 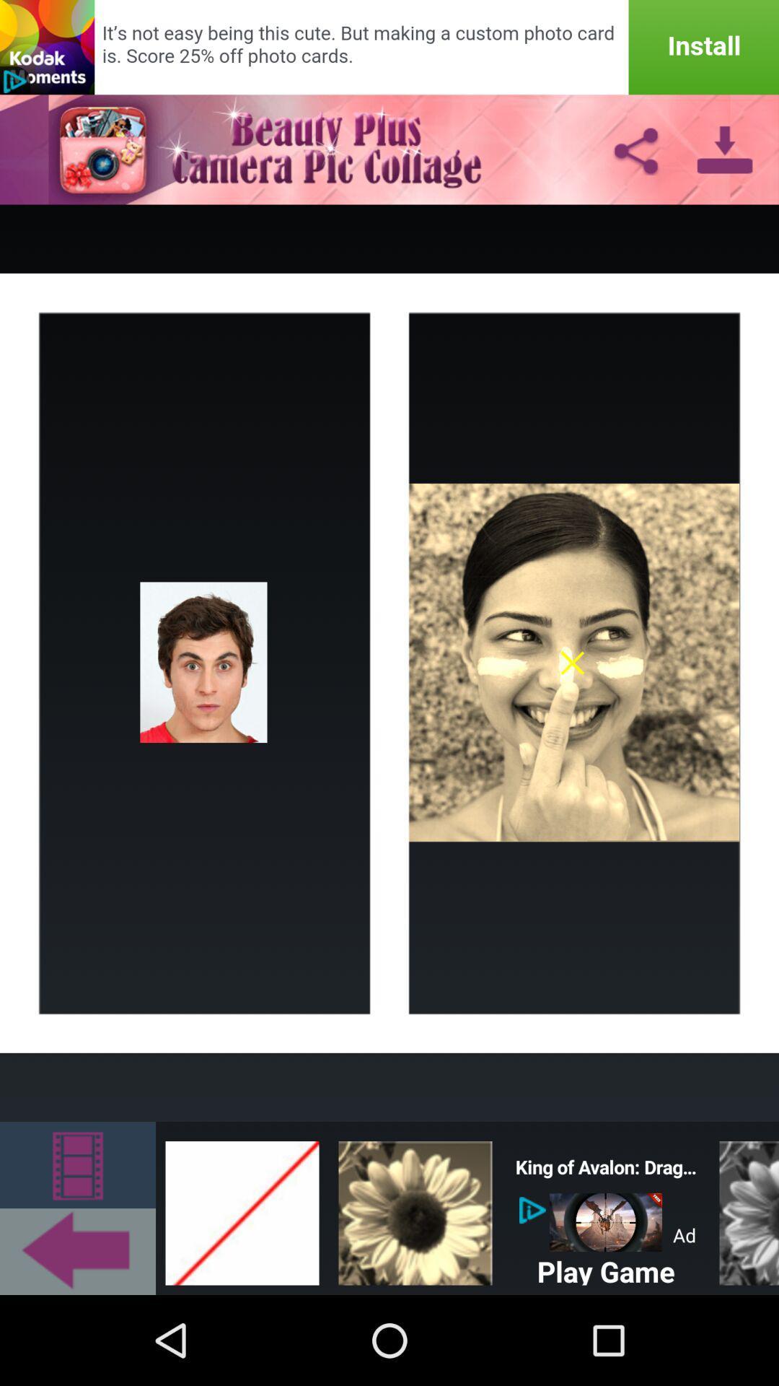 I want to click on the file_download icon, so click(x=725, y=160).